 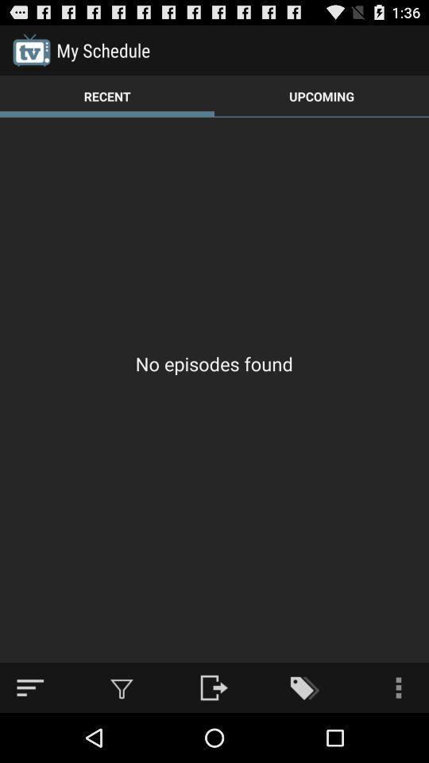 I want to click on icon to the right of the recent item, so click(x=322, y=95).